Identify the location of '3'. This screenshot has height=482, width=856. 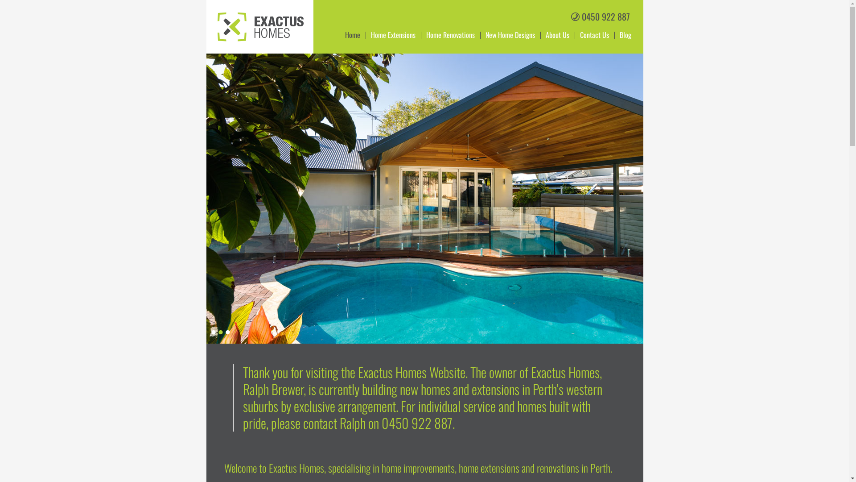
(227, 332).